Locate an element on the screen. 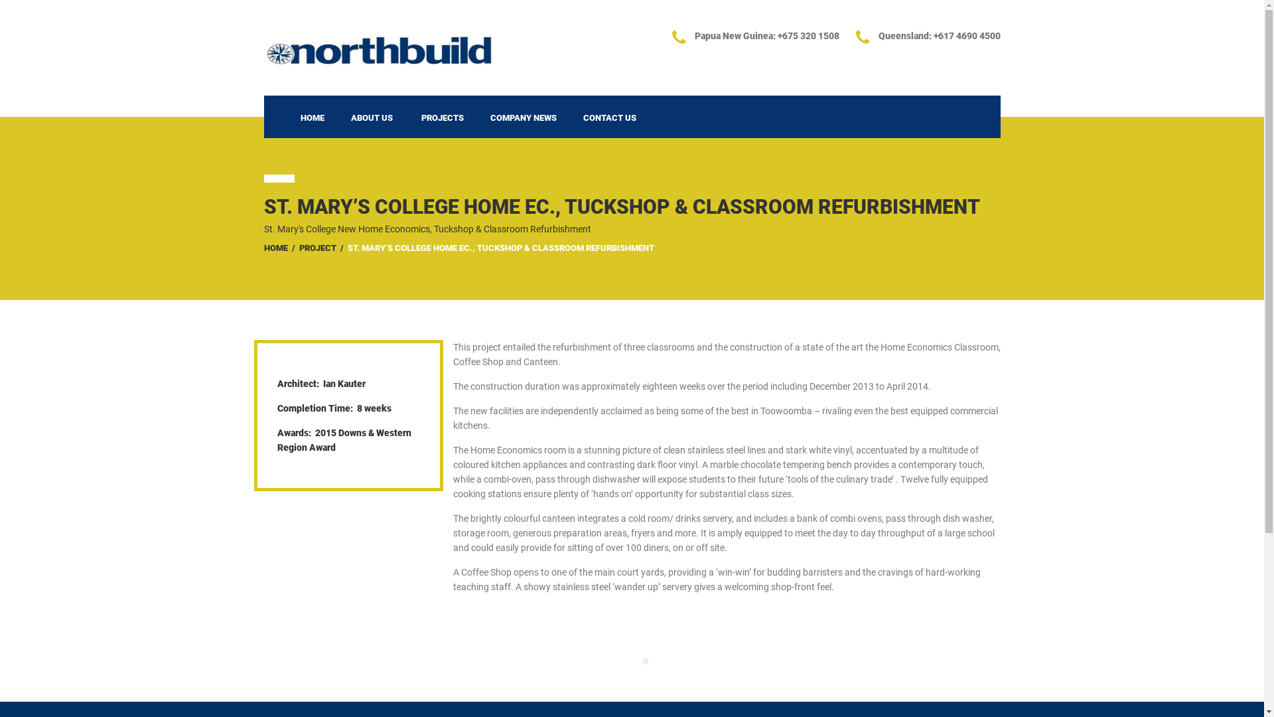  'HOME' is located at coordinates (286, 116).